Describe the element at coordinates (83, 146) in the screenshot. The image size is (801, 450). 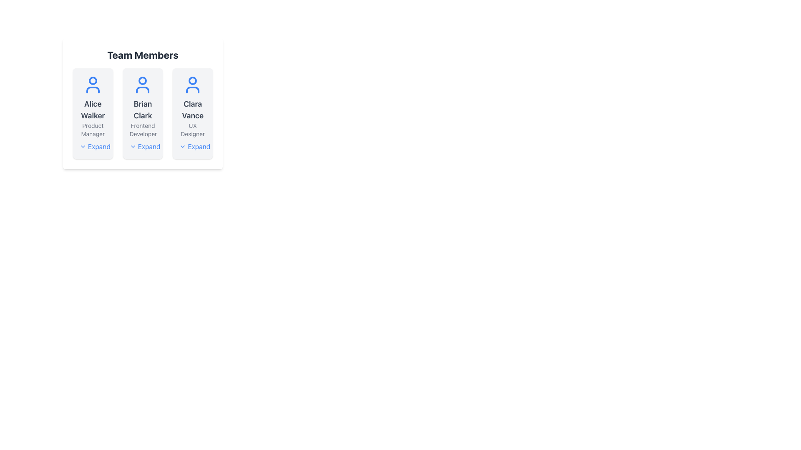
I see `the chevron icon located under 'Alice Walker' in the 'Team Members' section` at that location.